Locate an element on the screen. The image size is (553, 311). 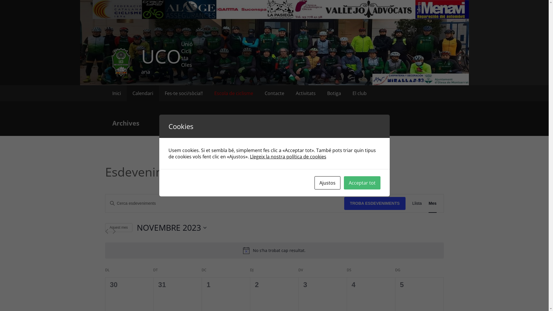
'Mes anterior' is located at coordinates (106, 231).